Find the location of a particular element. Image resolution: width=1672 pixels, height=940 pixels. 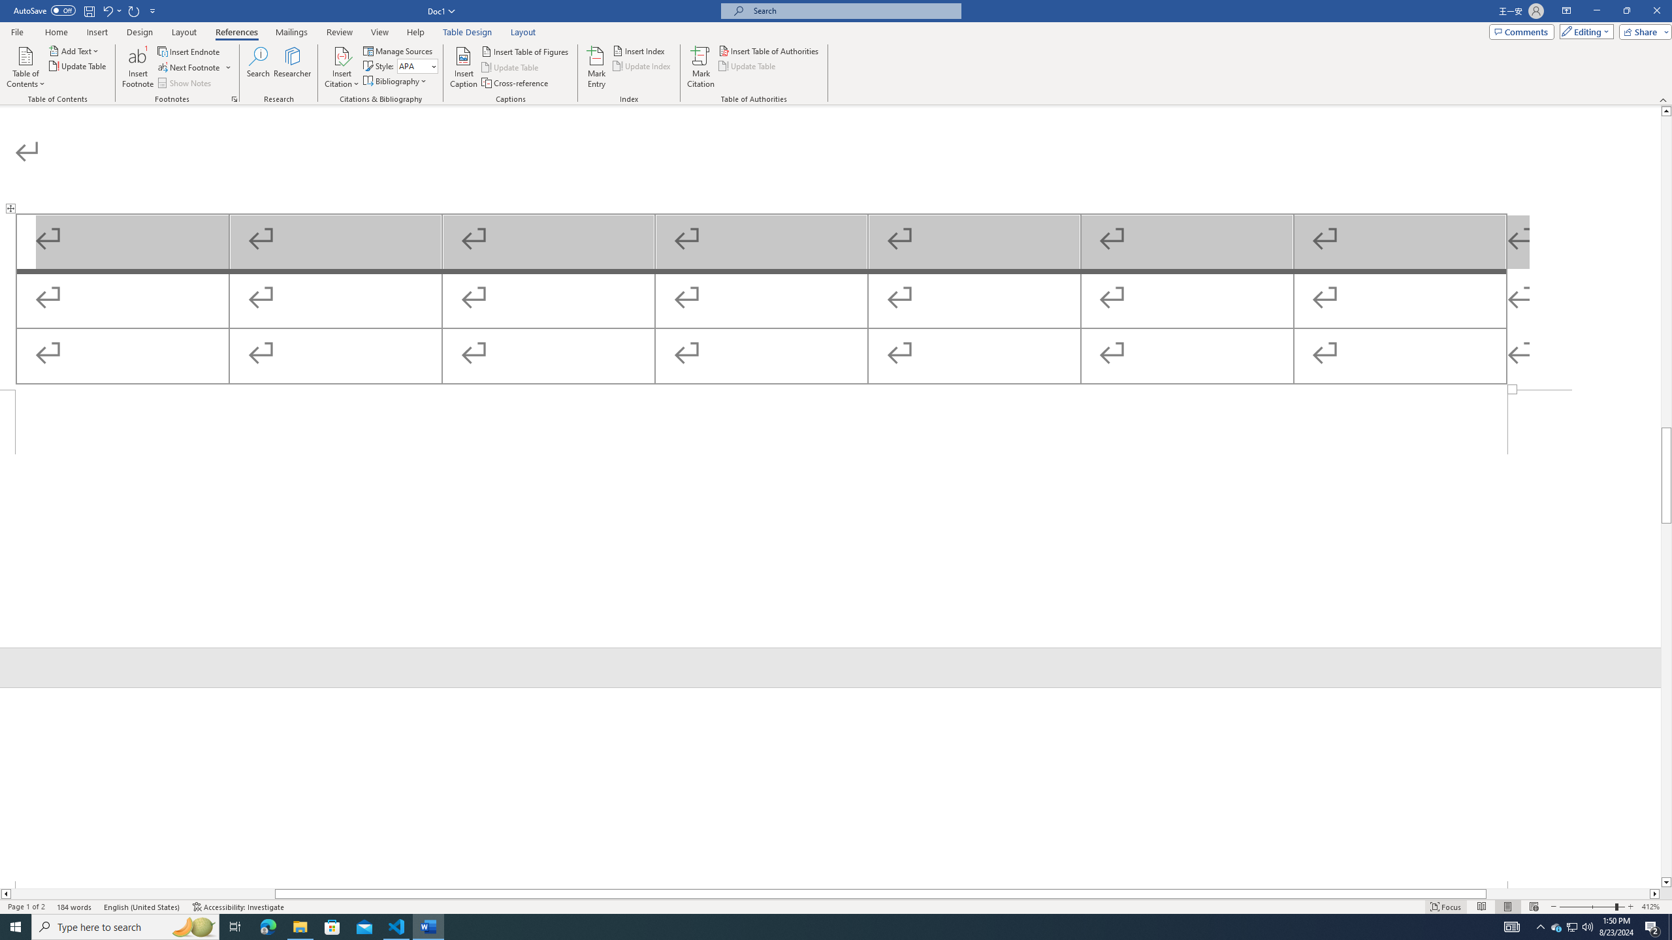

'Insert Endnote' is located at coordinates (189, 51).